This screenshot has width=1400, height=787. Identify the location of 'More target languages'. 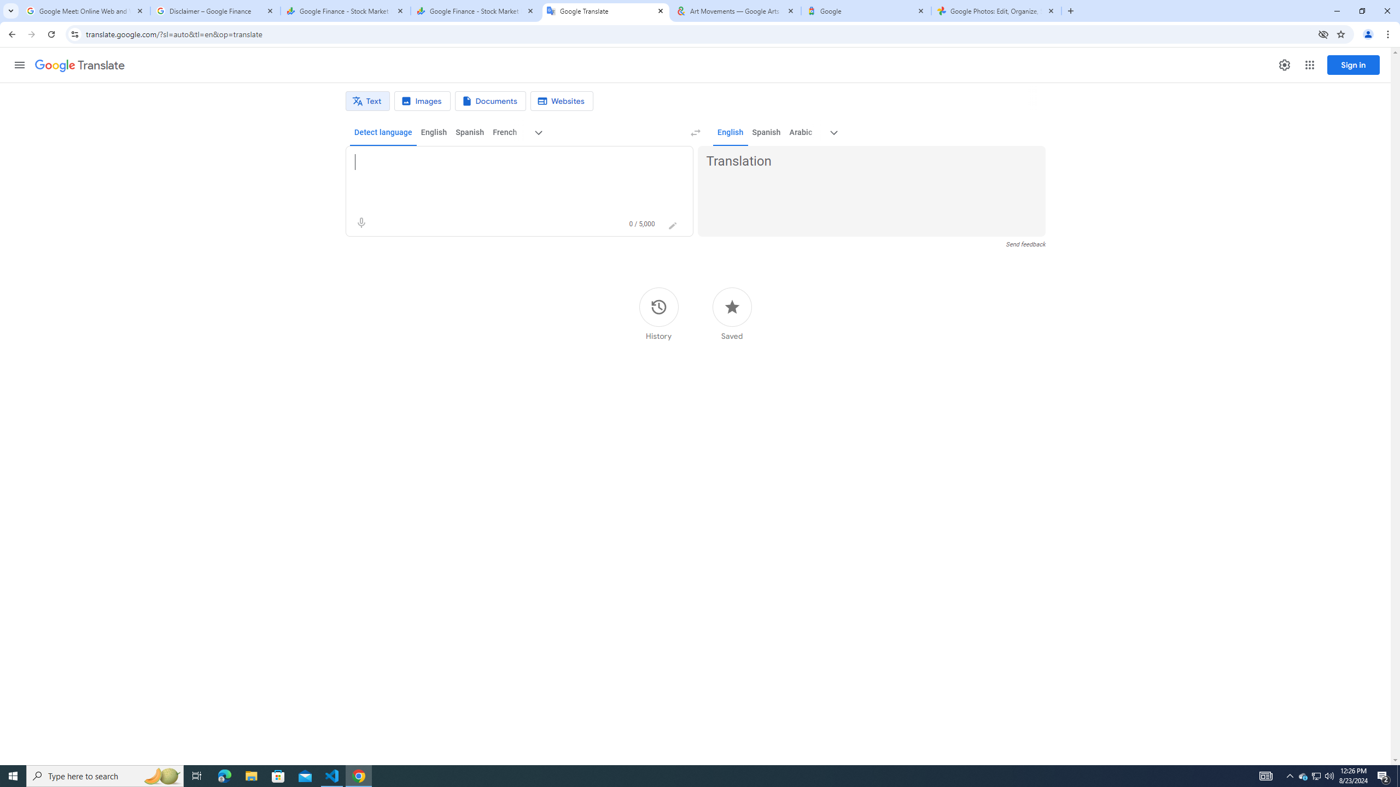
(833, 132).